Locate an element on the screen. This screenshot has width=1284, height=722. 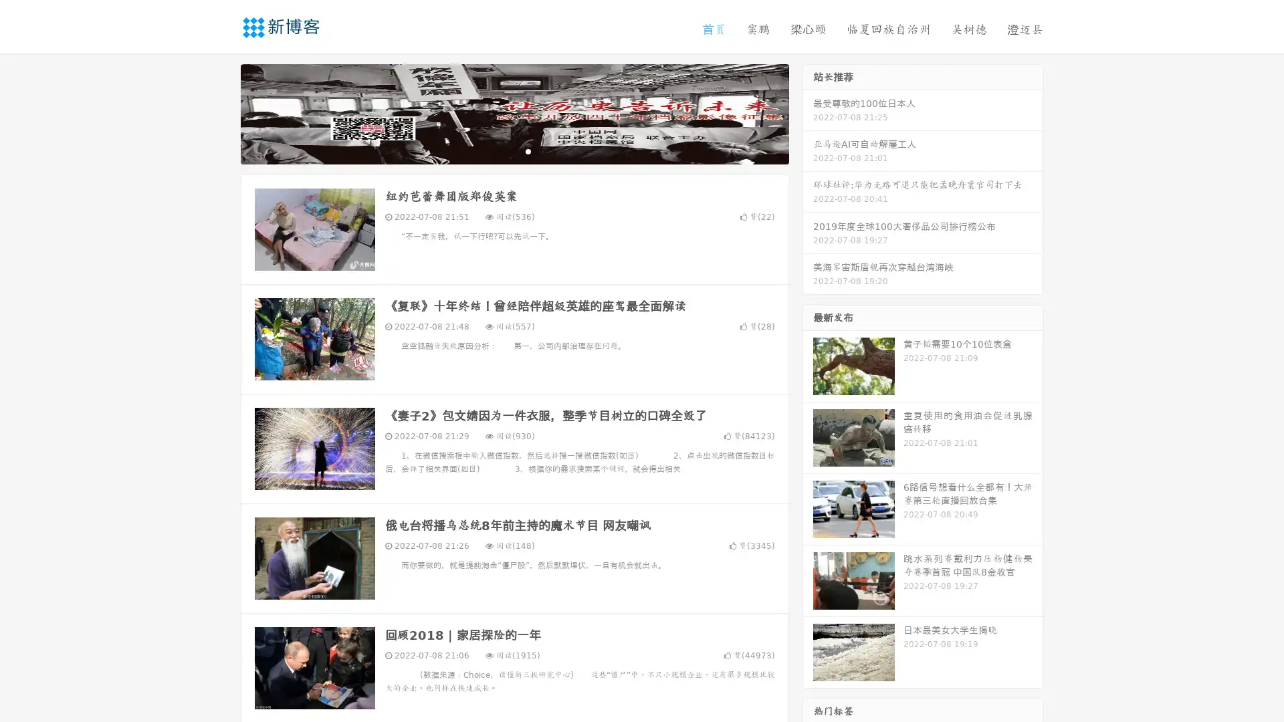
Go to slide 3 is located at coordinates (528, 150).